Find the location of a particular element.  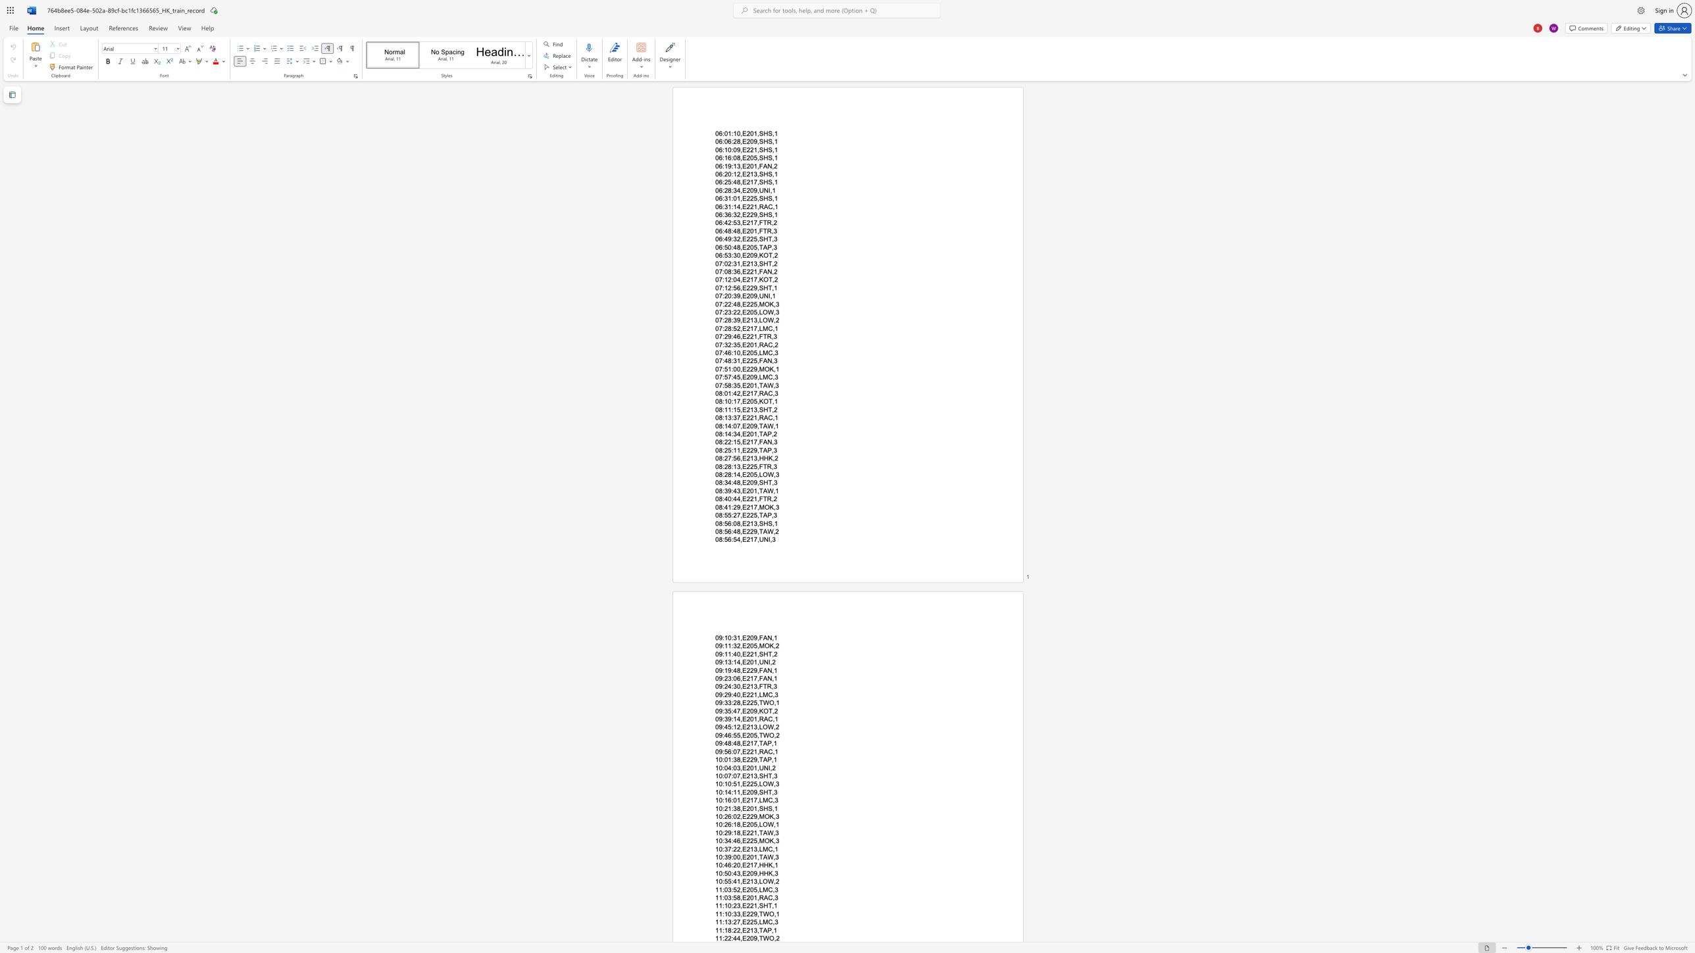

the space between the continuous character "2" and ":" in the text is located at coordinates (731, 938).